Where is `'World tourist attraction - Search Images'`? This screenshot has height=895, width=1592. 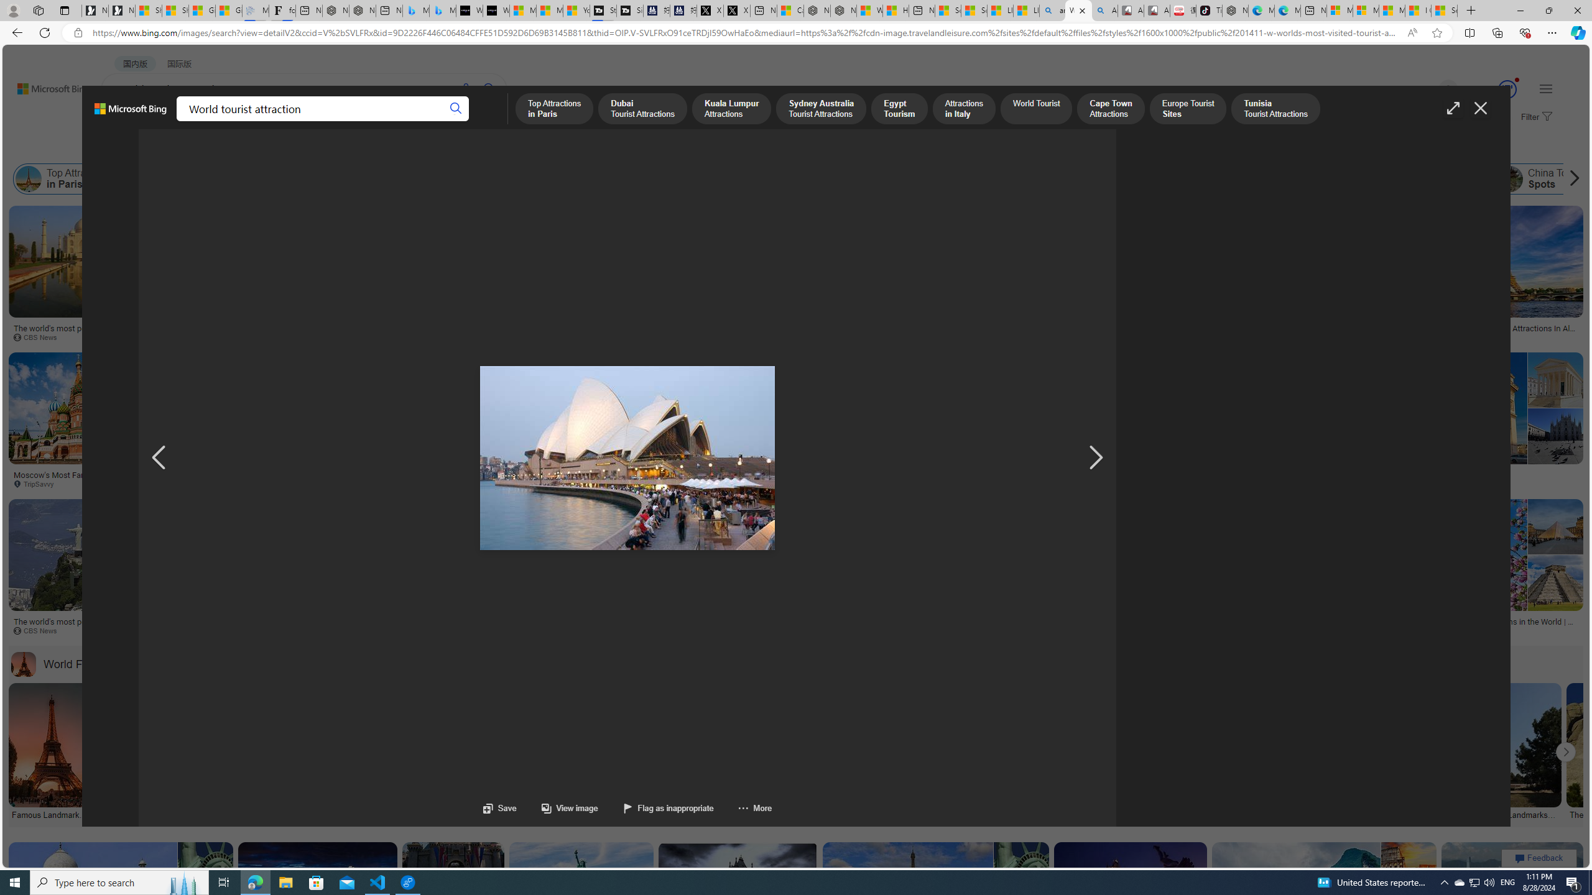
'World tourist attraction - Search Images' is located at coordinates (1078, 10).